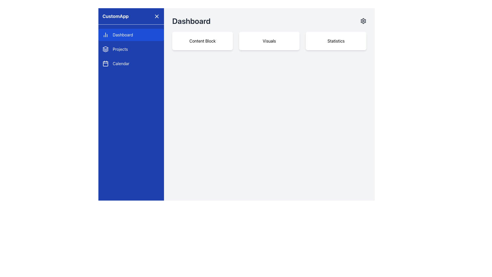 Image resolution: width=492 pixels, height=277 pixels. What do you see at coordinates (105, 48) in the screenshot?
I see `the decorative icon adjacent to the 'Projects' label in the vertical navigation menu on the left side of the interface` at bounding box center [105, 48].